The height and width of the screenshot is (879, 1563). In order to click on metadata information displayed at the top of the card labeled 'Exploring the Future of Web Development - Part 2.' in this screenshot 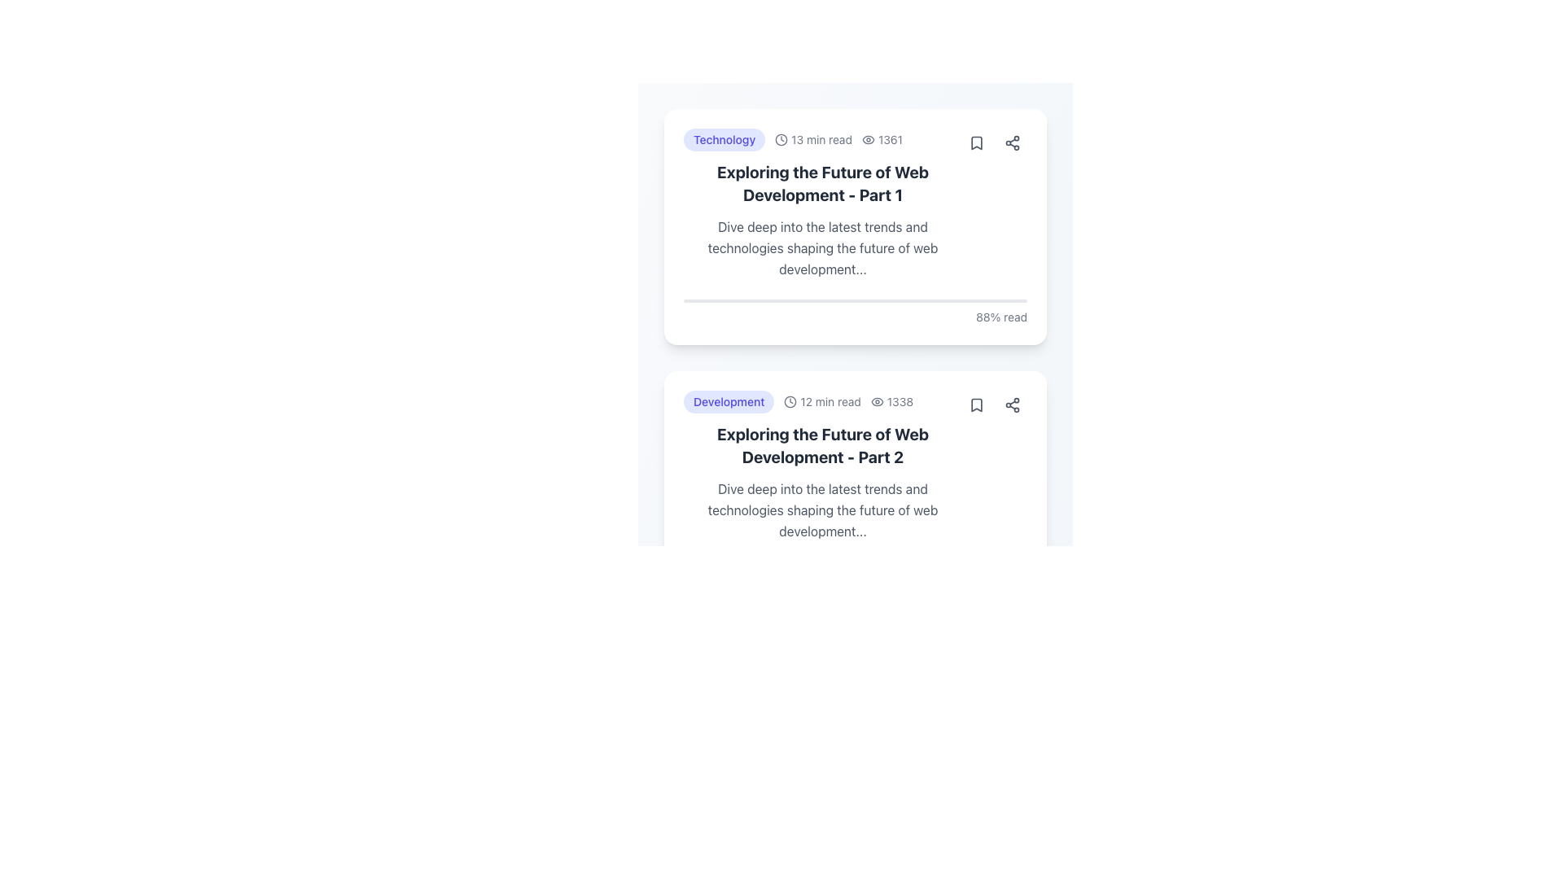, I will do `click(823, 401)`.